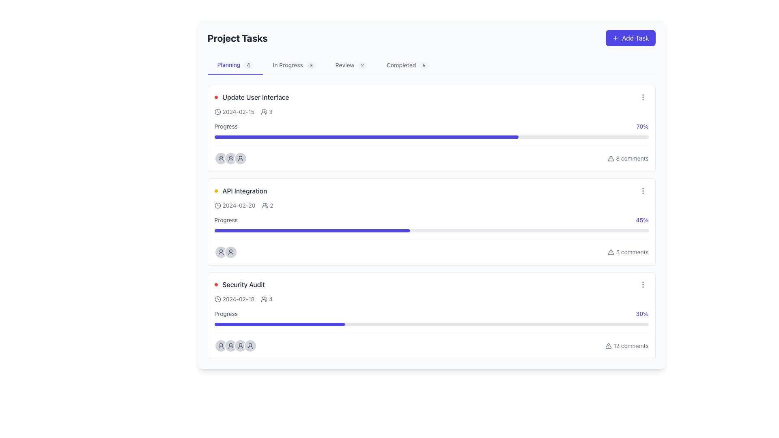  I want to click on the SVG icon representing multiple users in the task card titled 'Security Audit', located before the '4' text, so click(264, 299).